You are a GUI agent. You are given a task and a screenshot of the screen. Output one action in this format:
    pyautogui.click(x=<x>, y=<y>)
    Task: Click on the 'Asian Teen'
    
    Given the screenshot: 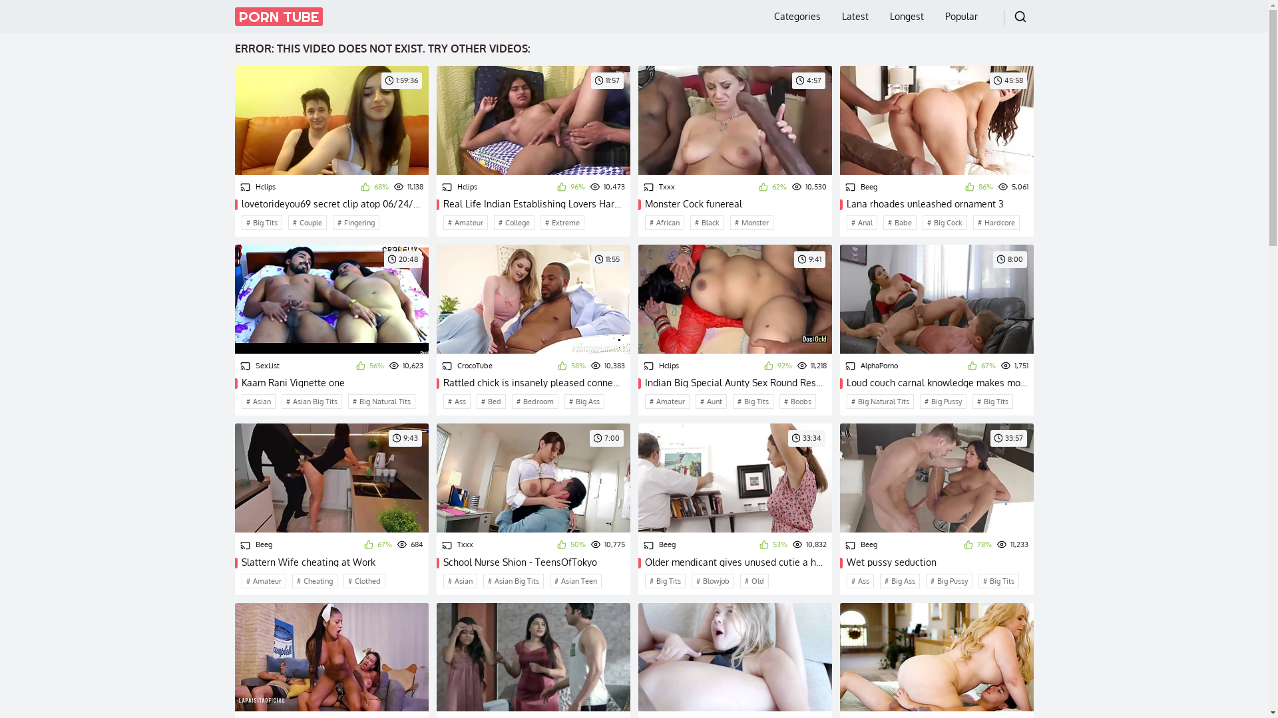 What is the action you would take?
    pyautogui.click(x=575, y=580)
    